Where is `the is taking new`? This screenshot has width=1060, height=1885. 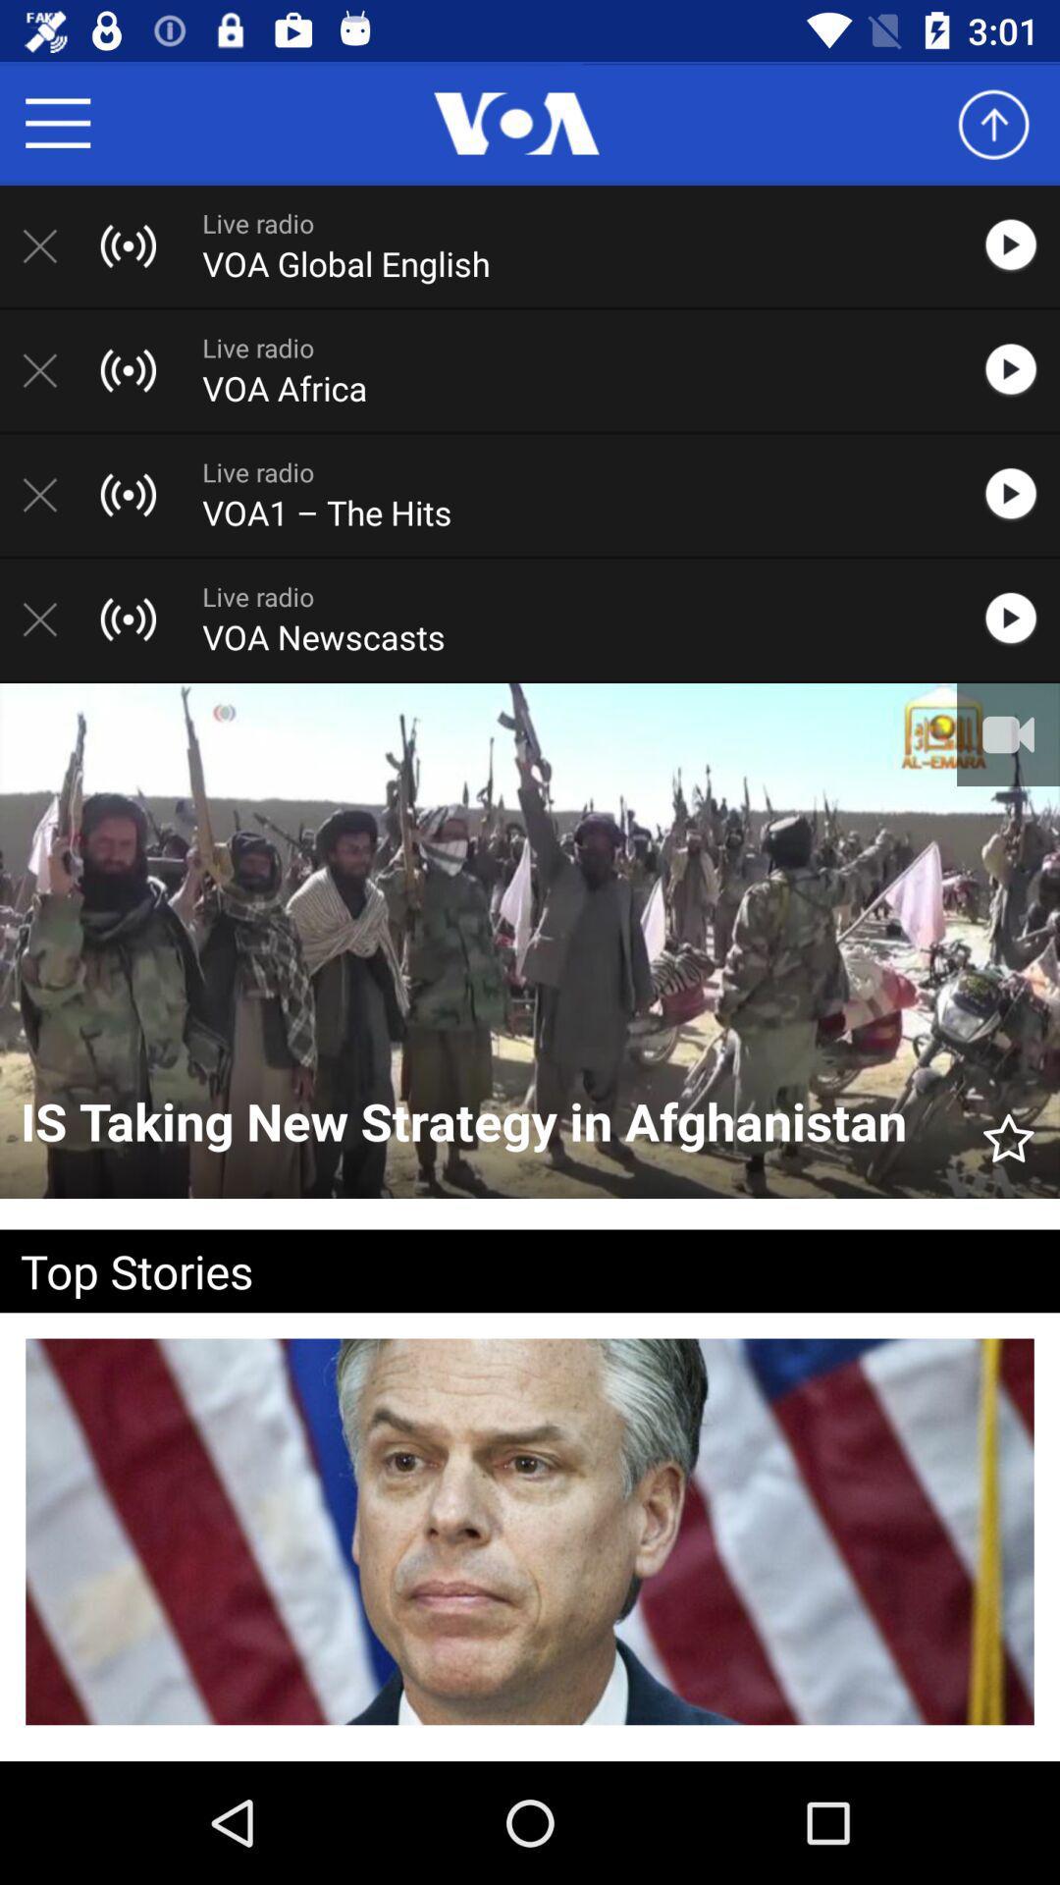
the is taking new is located at coordinates (488, 1123).